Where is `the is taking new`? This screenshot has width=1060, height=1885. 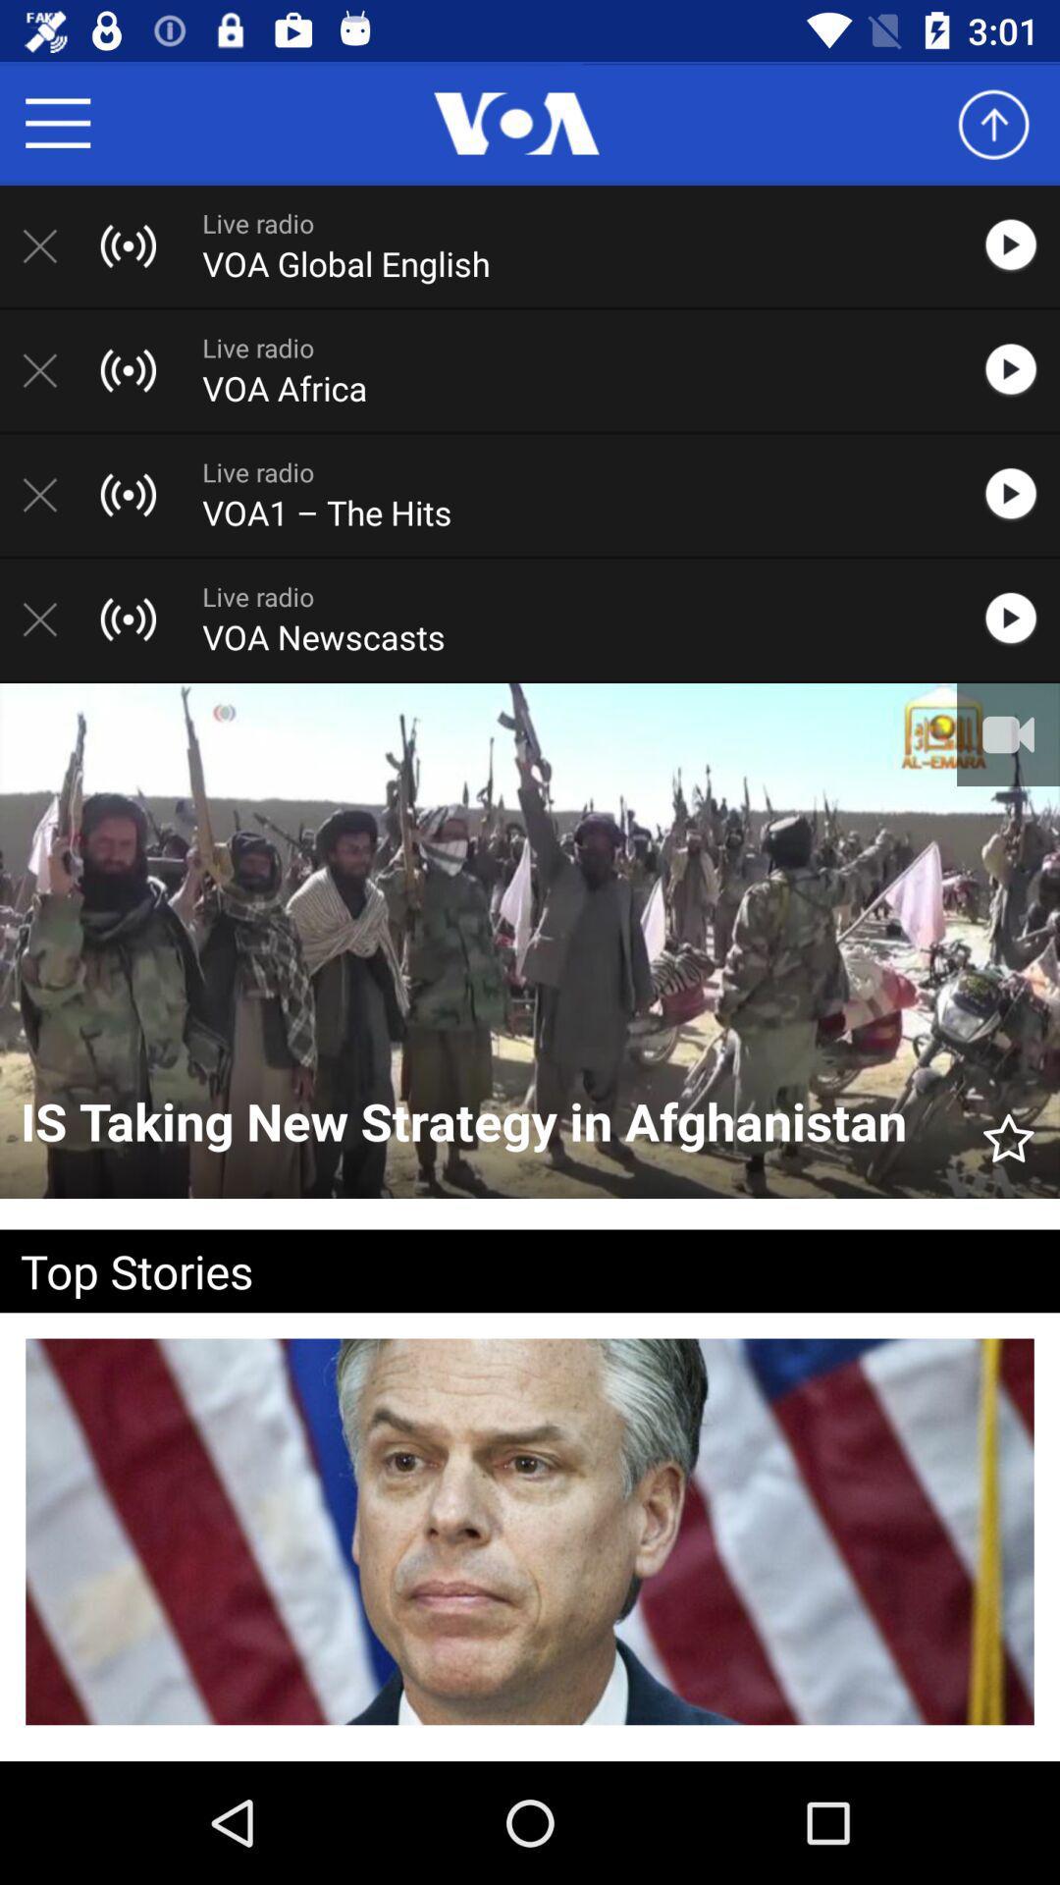
the is taking new is located at coordinates (488, 1123).